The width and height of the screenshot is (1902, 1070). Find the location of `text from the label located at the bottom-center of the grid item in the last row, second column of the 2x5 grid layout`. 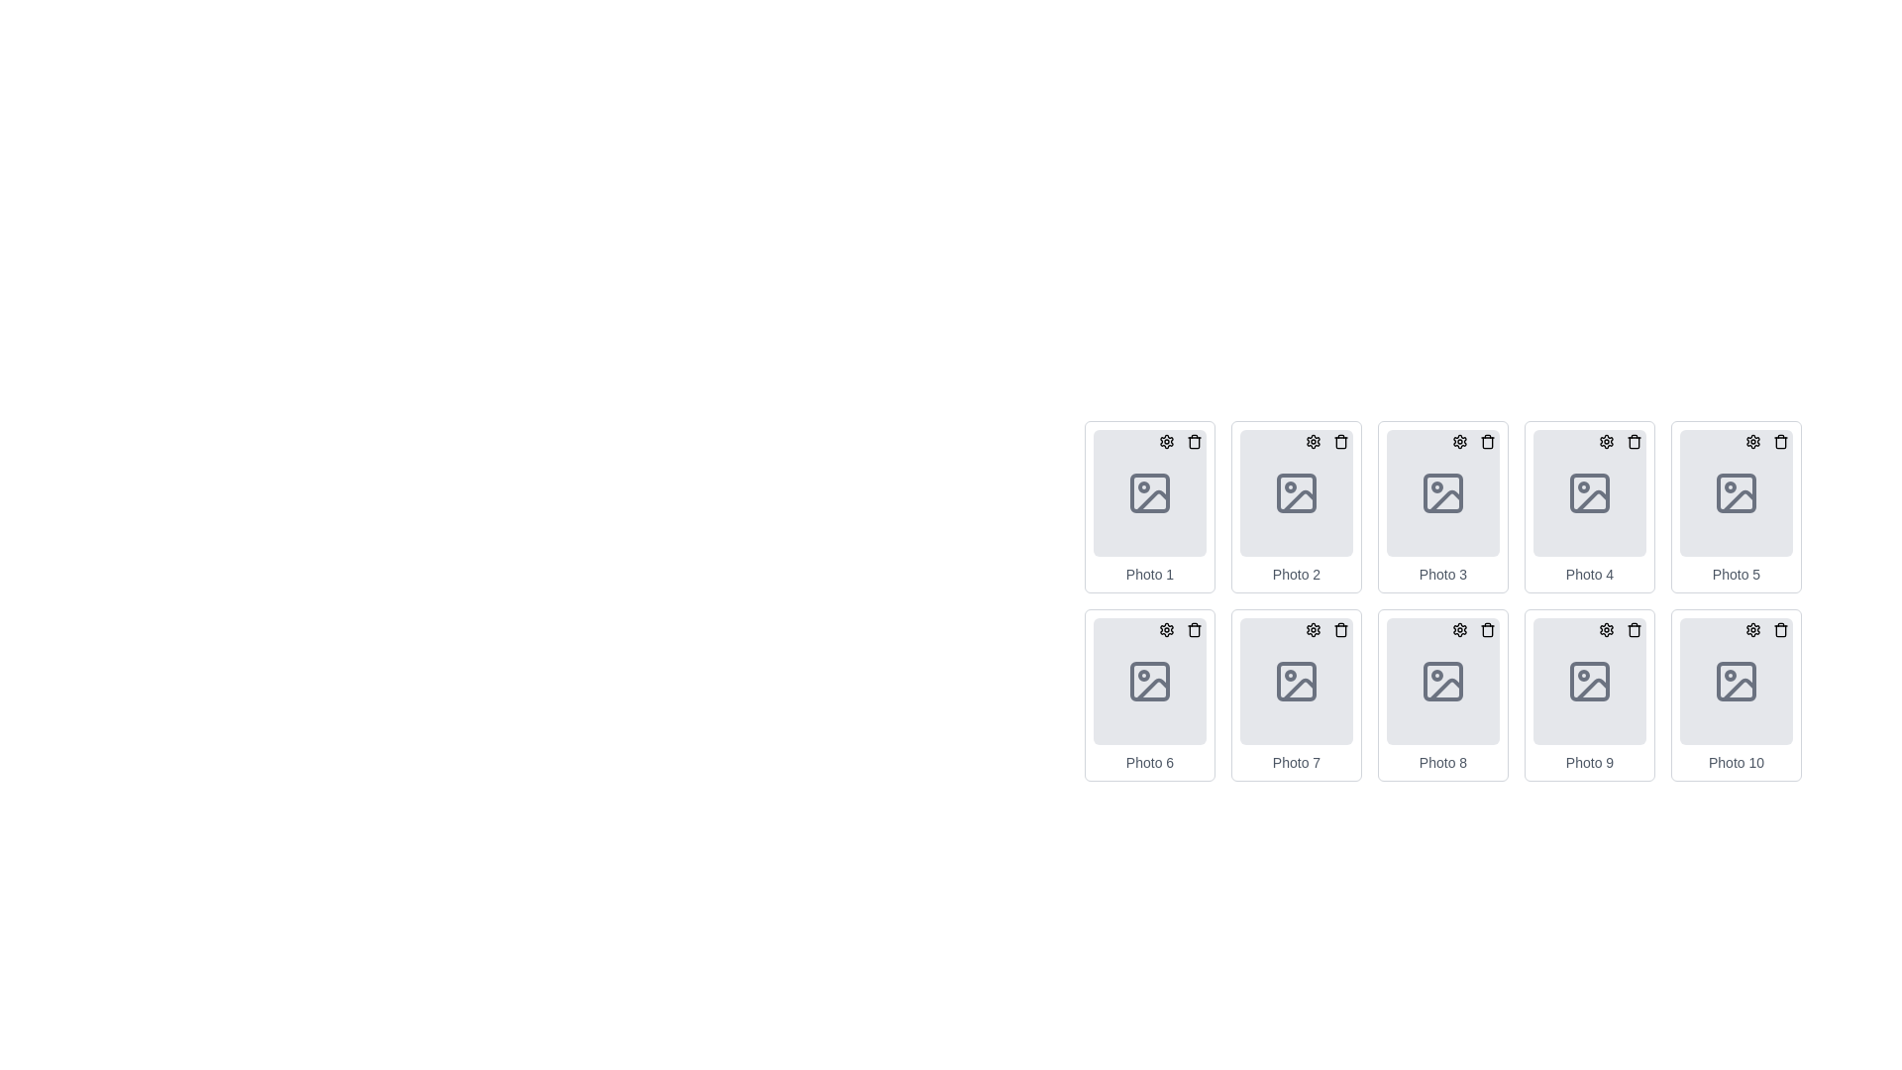

text from the label located at the bottom-center of the grid item in the last row, second column of the 2x5 grid layout is located at coordinates (1589, 762).